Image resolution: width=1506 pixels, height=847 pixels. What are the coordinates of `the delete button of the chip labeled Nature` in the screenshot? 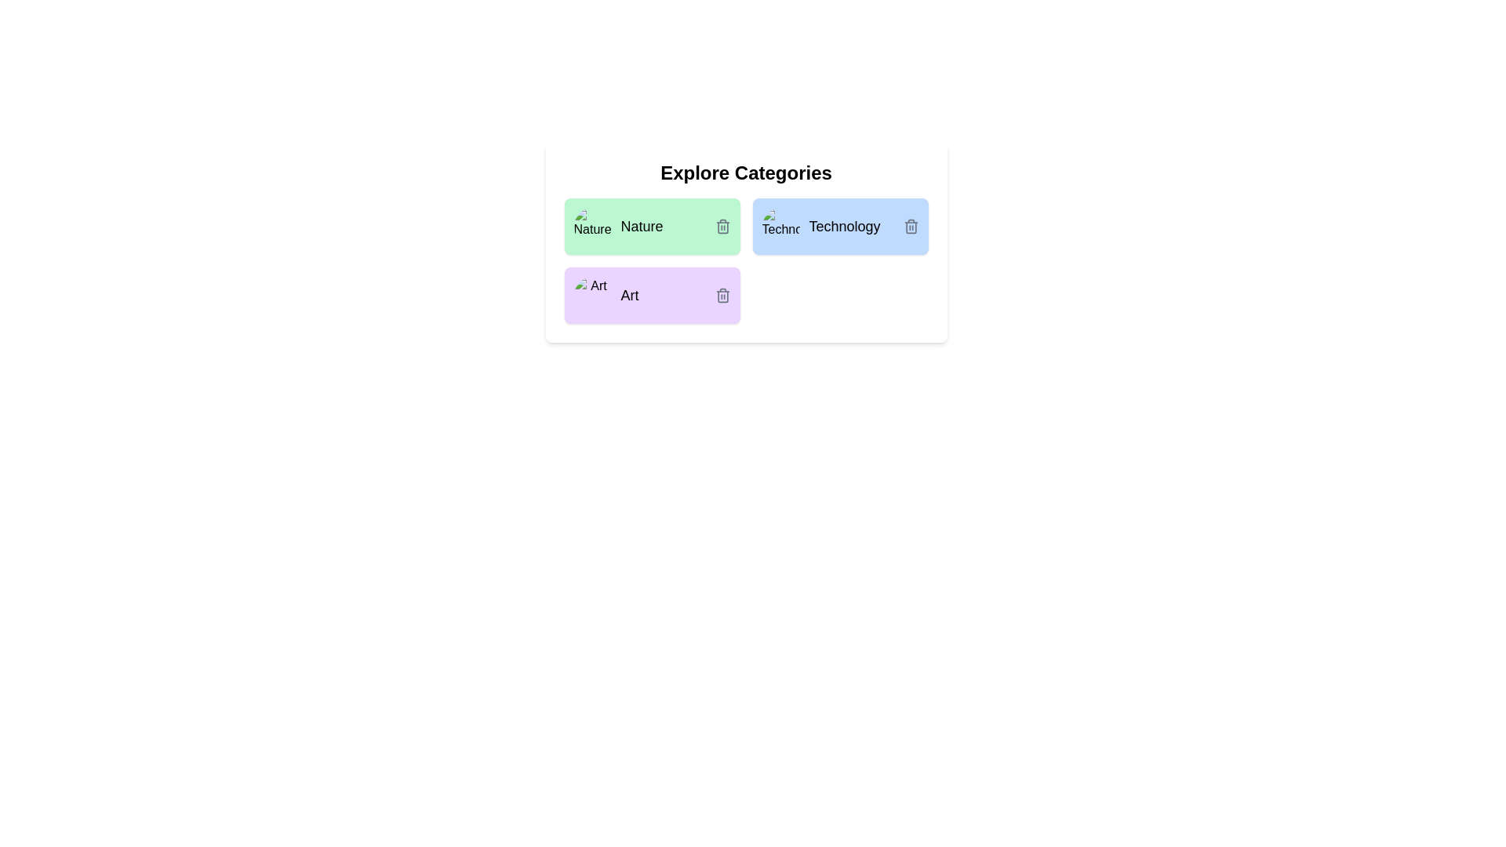 It's located at (722, 227).